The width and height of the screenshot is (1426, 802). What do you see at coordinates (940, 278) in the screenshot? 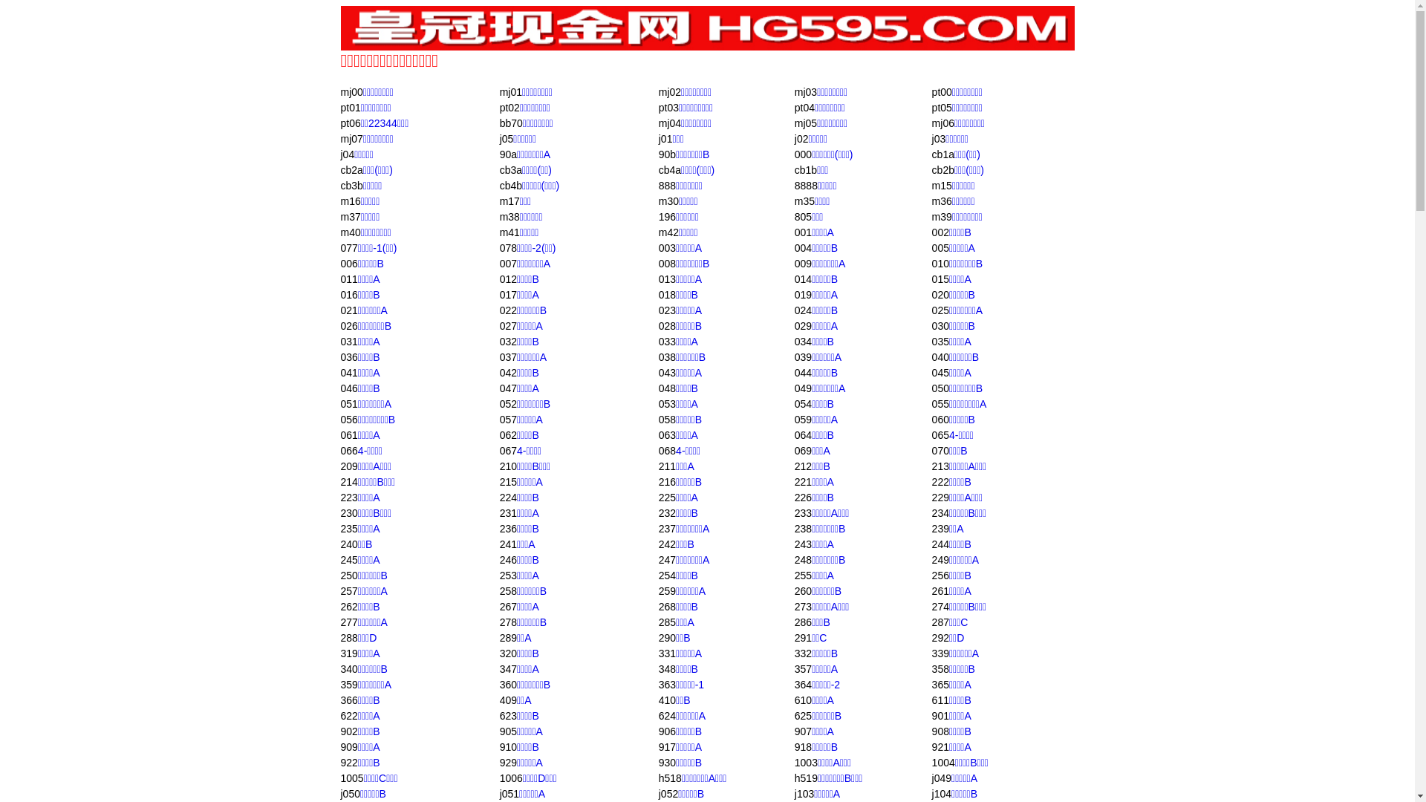
I see `'015'` at bounding box center [940, 278].